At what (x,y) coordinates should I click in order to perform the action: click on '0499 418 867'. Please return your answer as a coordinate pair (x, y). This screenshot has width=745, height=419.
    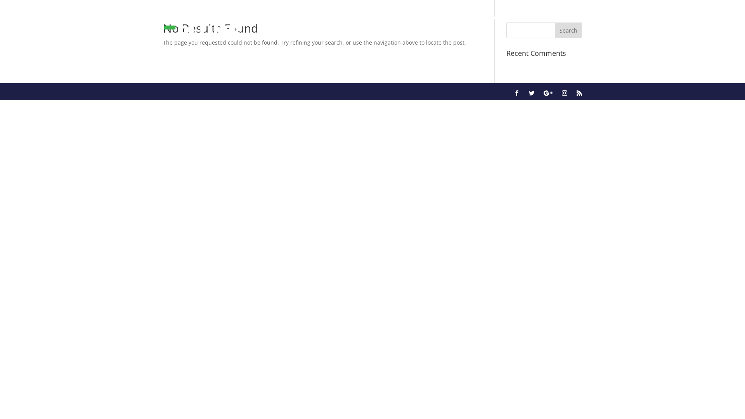
    Looking at the image, I should click on (542, 16).